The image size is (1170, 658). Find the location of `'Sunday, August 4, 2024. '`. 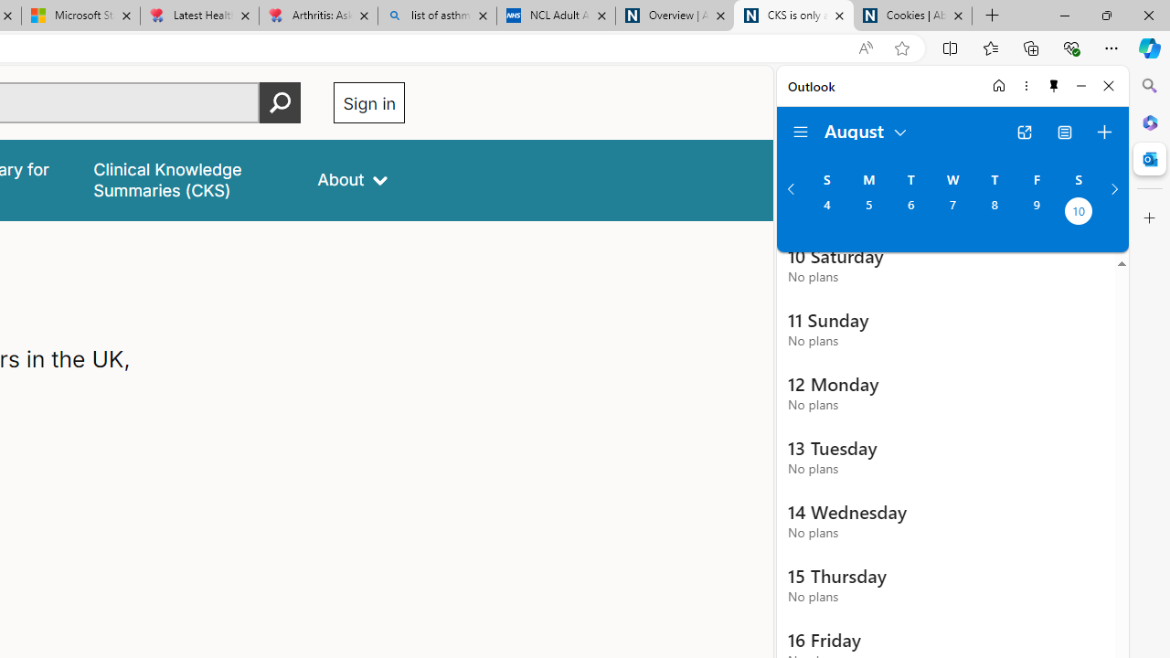

'Sunday, August 4, 2024. ' is located at coordinates (825, 212).